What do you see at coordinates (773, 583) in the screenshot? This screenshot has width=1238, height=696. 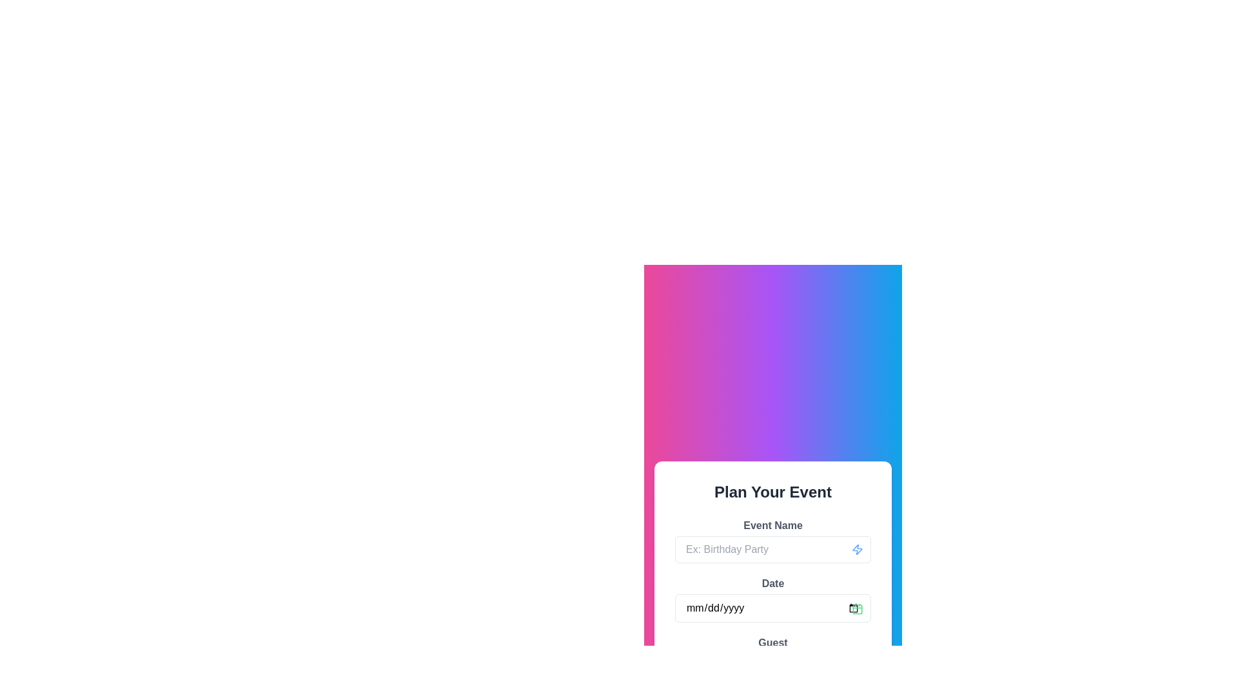 I see `the text label displaying 'Date' in bold gray font, which is positioned above the date input field in the 'Plan Your Event' form` at bounding box center [773, 583].